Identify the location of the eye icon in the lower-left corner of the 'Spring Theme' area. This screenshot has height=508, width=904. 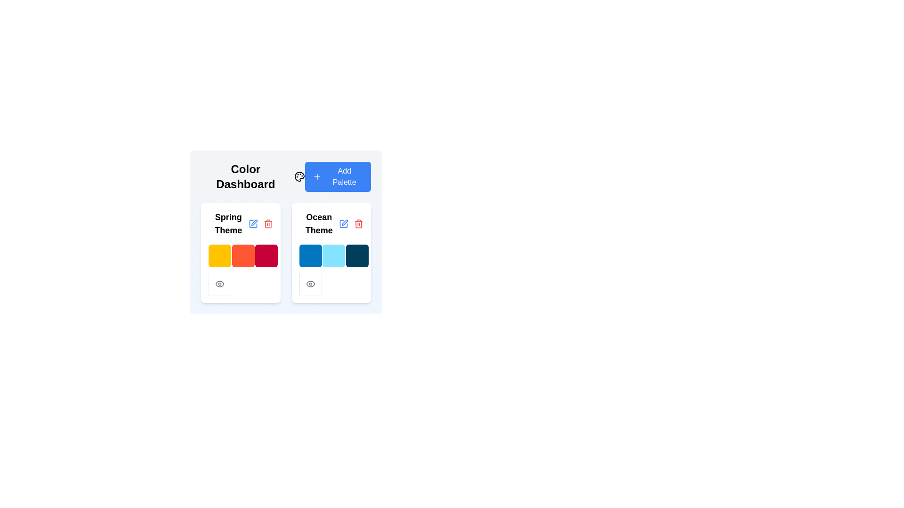
(310, 284).